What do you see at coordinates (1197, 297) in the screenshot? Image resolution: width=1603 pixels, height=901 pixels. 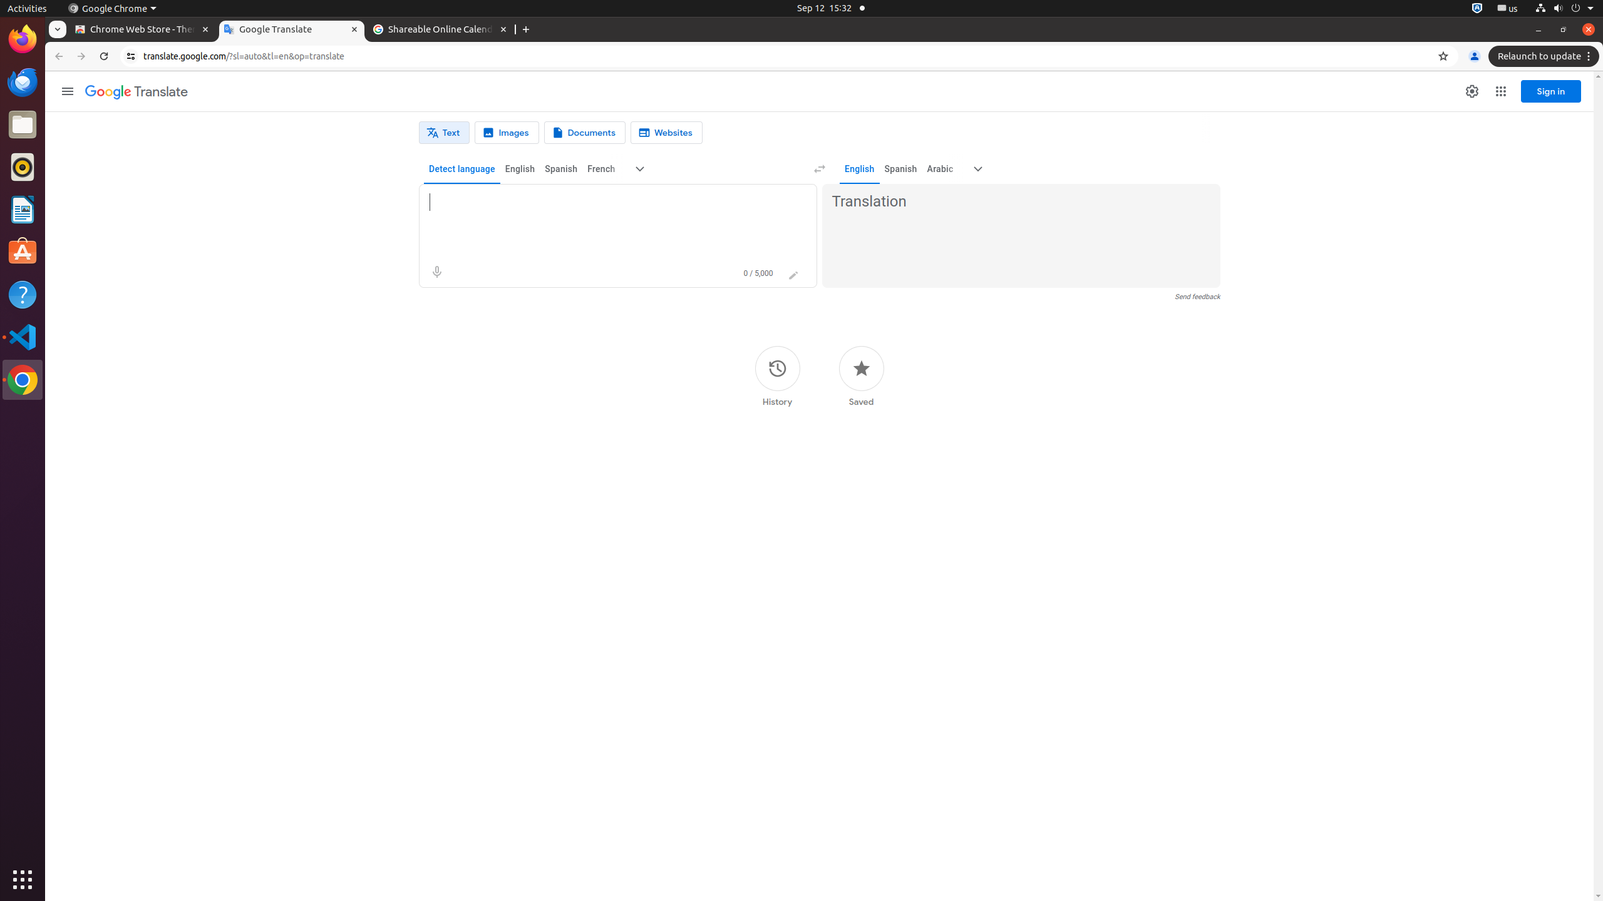 I see `'Send feedback'` at bounding box center [1197, 297].